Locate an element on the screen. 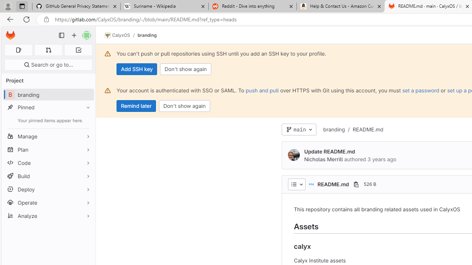 The height and width of the screenshot is (265, 472). 'branding' is located at coordinates (333, 129).